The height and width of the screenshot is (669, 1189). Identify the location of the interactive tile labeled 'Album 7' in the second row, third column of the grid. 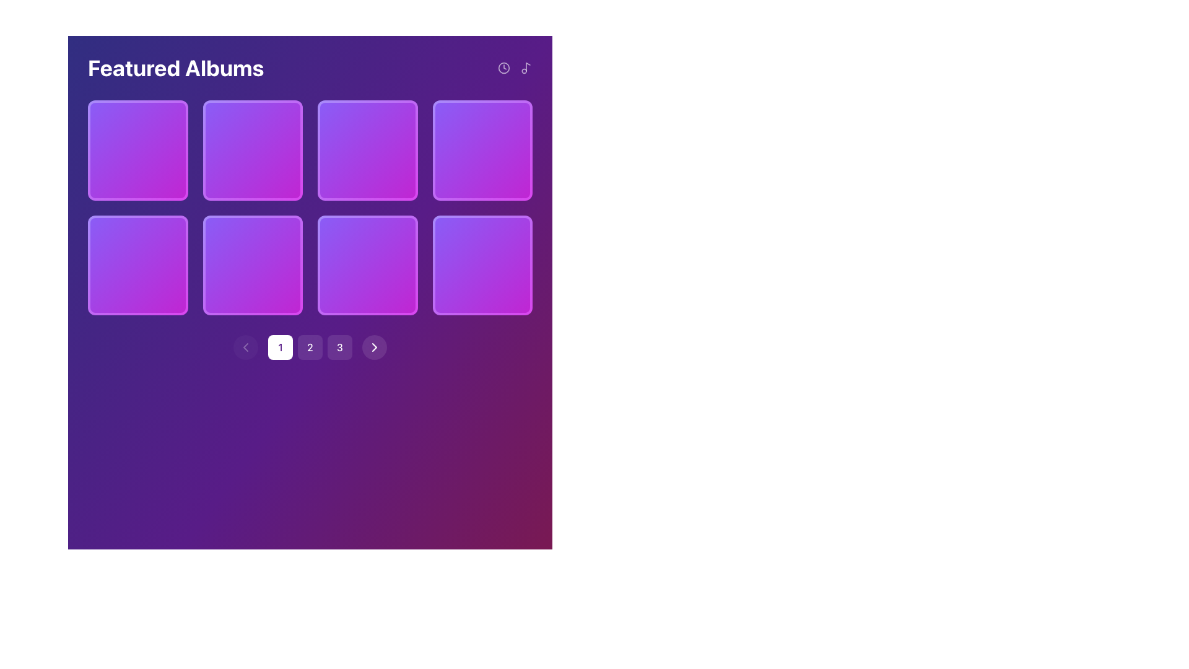
(367, 265).